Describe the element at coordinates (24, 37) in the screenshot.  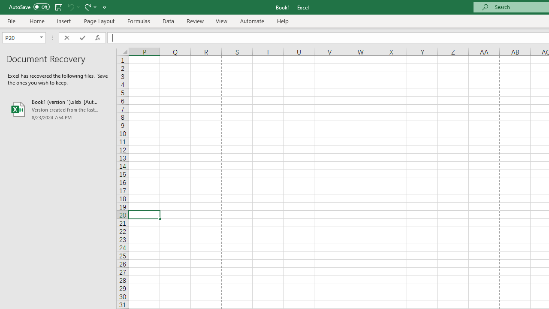
I see `'Name Box'` at that location.